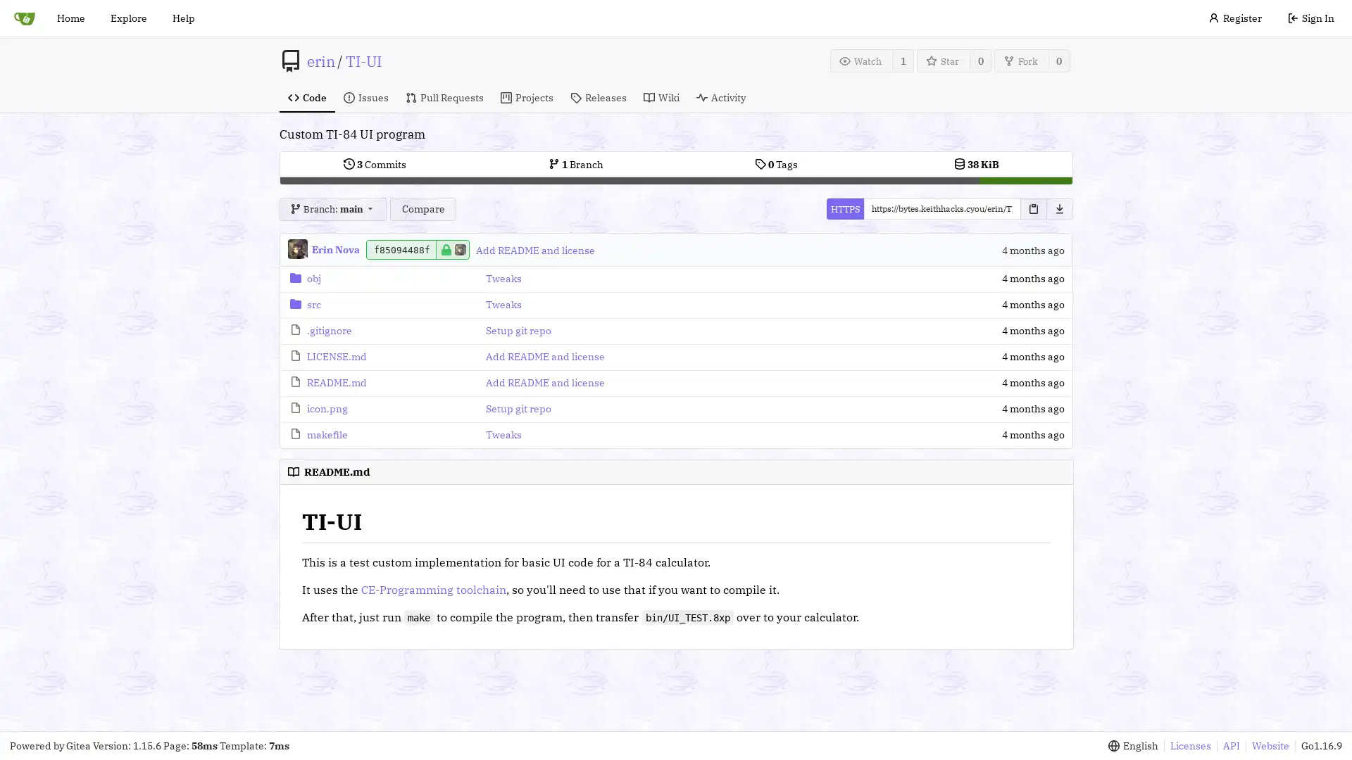 The image size is (1352, 760). Describe the element at coordinates (943, 60) in the screenshot. I see `Star` at that location.